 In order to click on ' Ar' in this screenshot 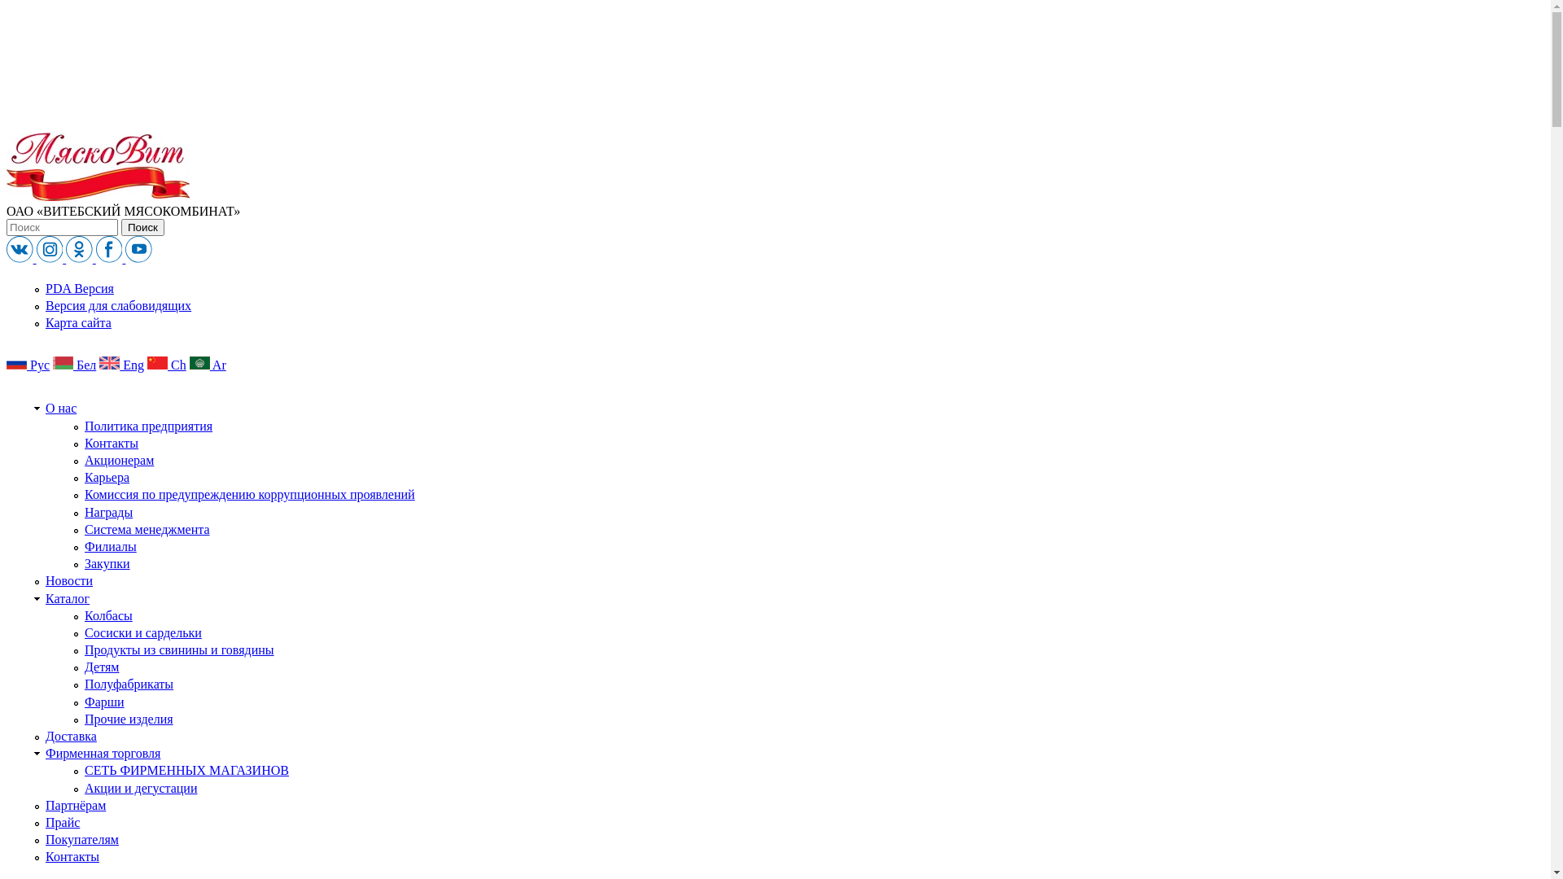, I will do `click(207, 364)`.